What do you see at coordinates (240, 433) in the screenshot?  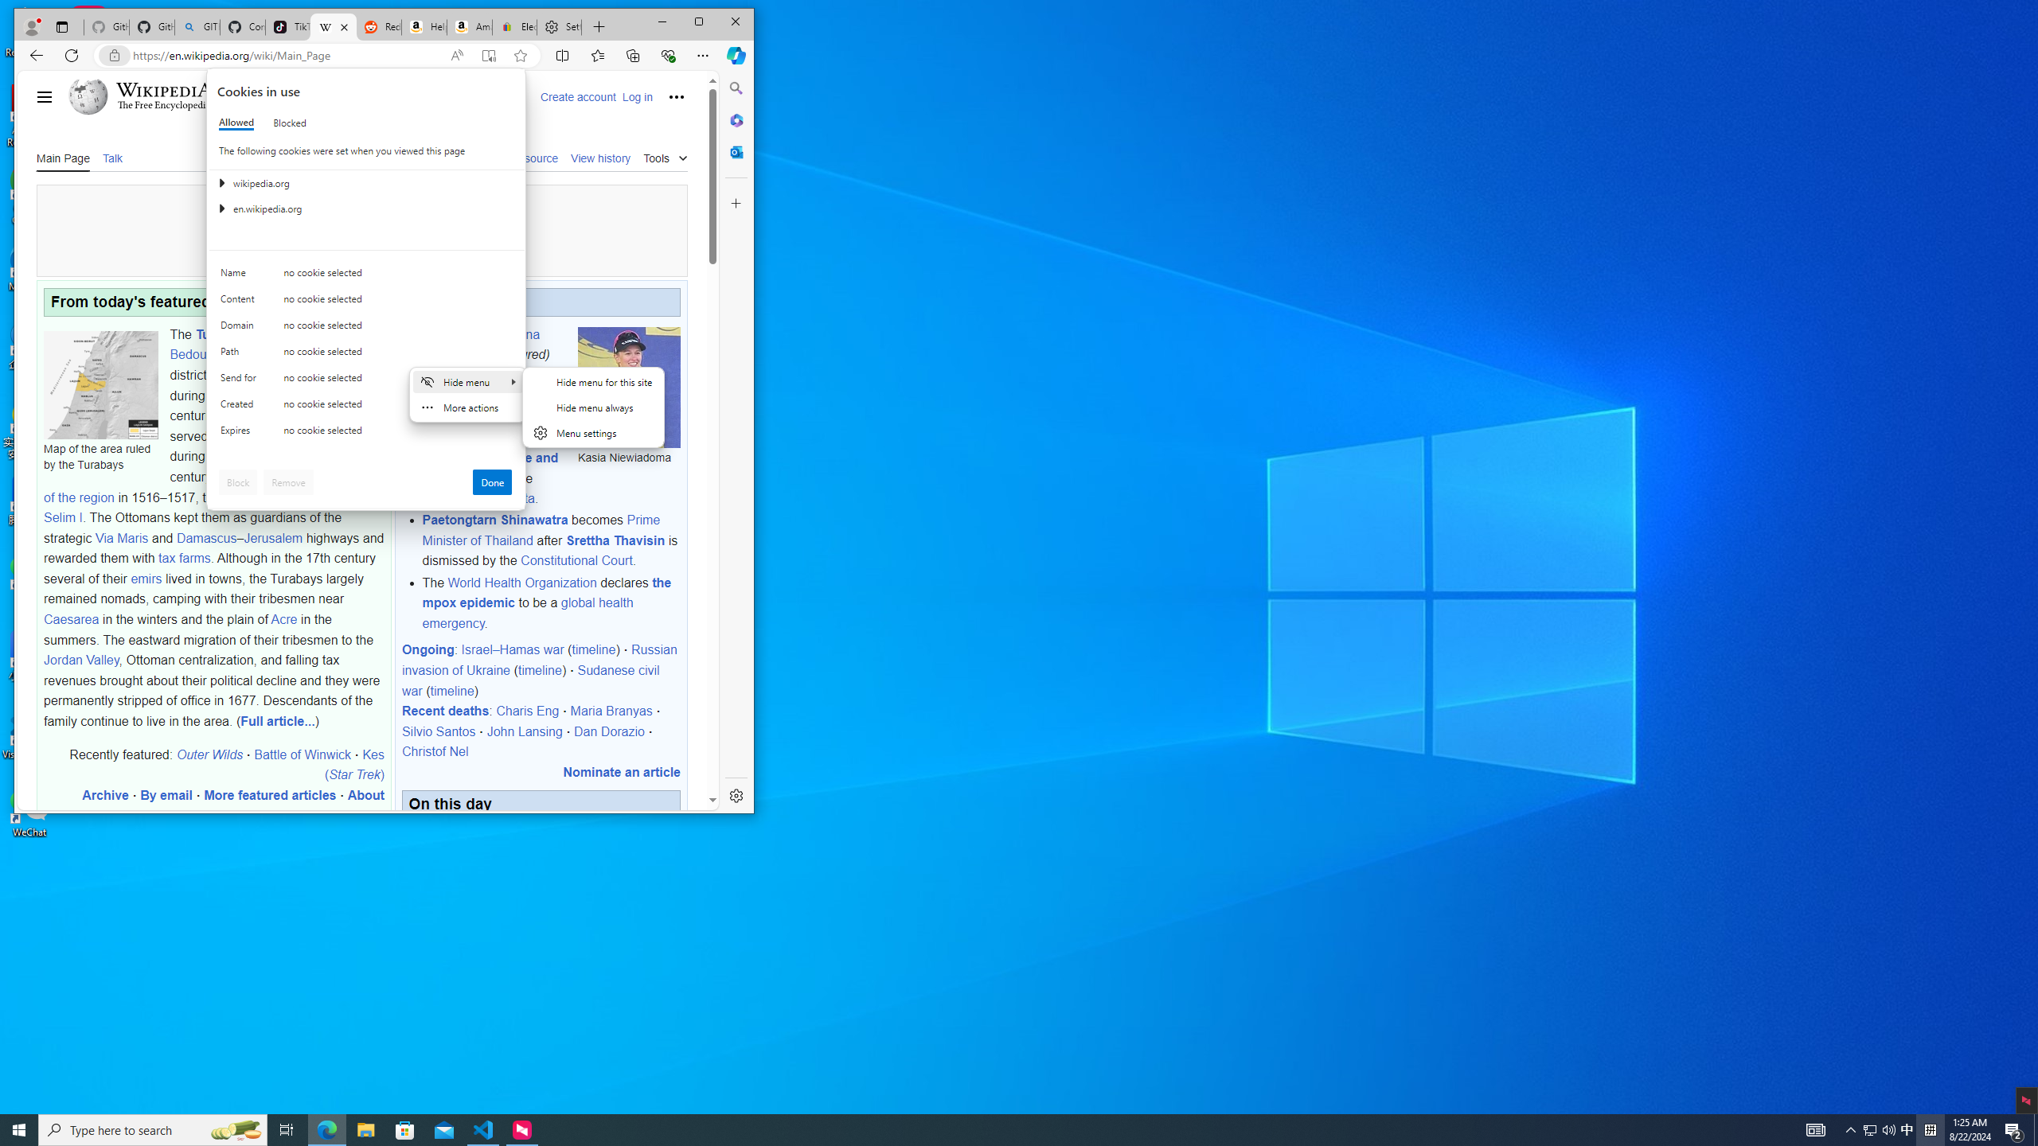 I see `'Expires'` at bounding box center [240, 433].